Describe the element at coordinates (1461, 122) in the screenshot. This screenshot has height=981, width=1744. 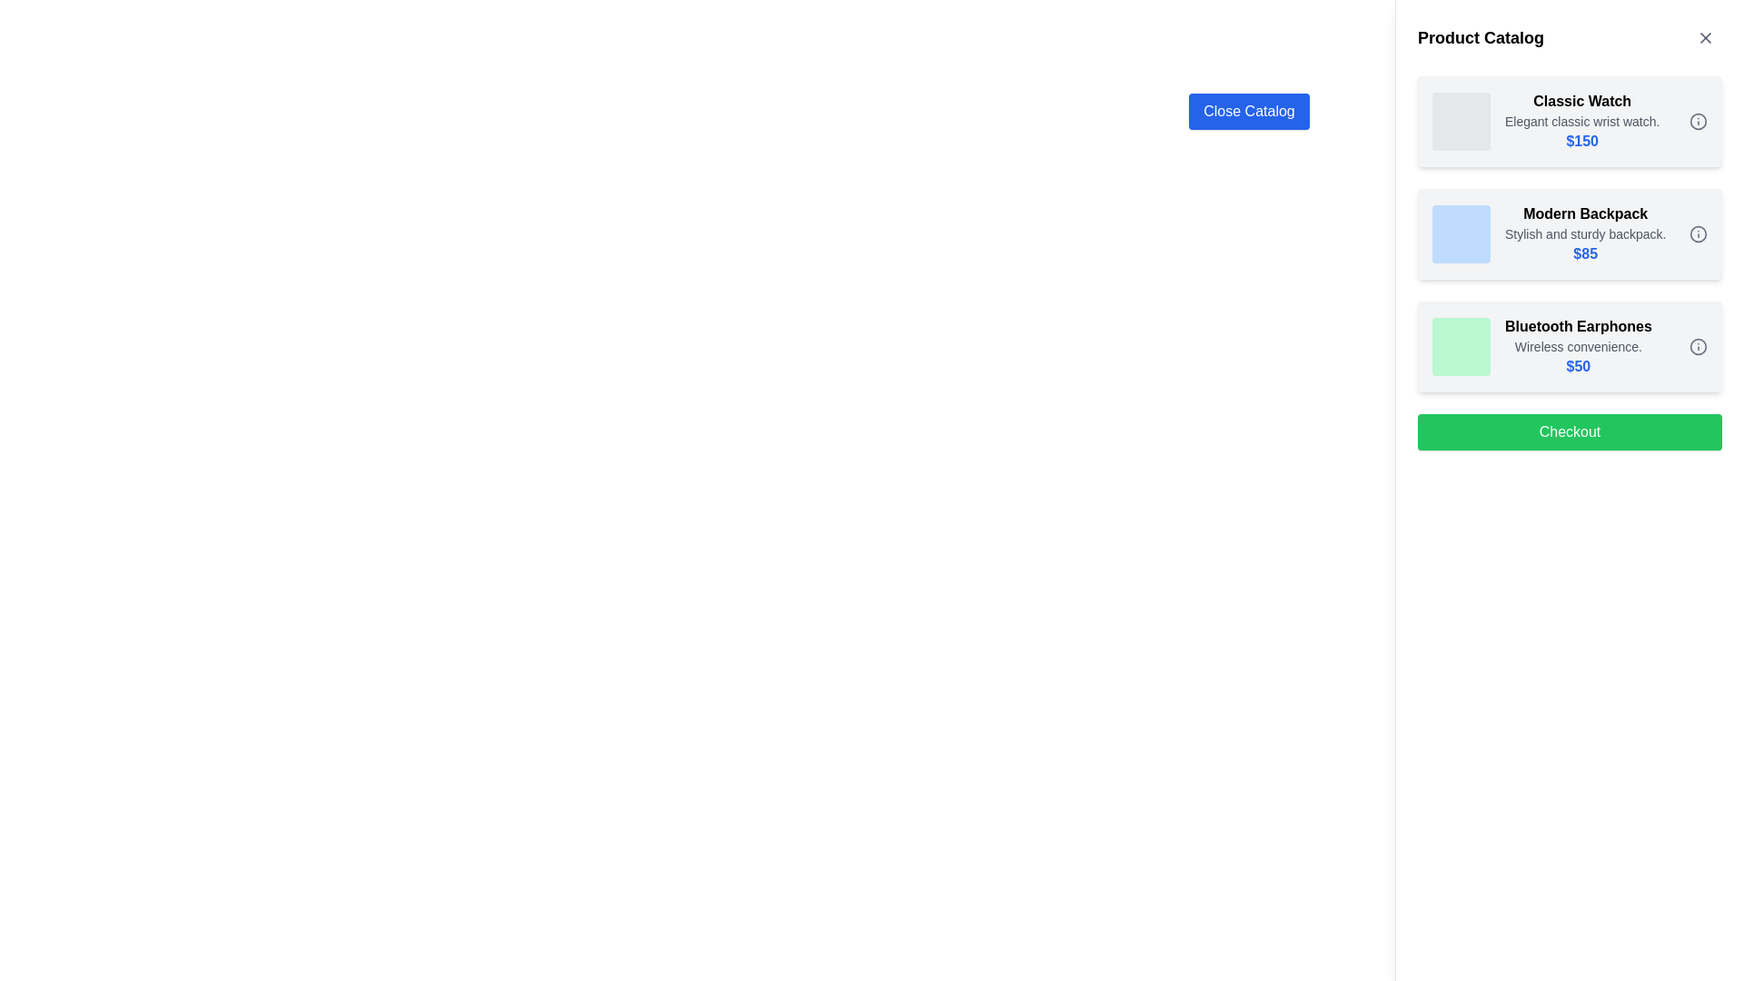
I see `the image placeholder representing the 'Classic Watch' product` at that location.